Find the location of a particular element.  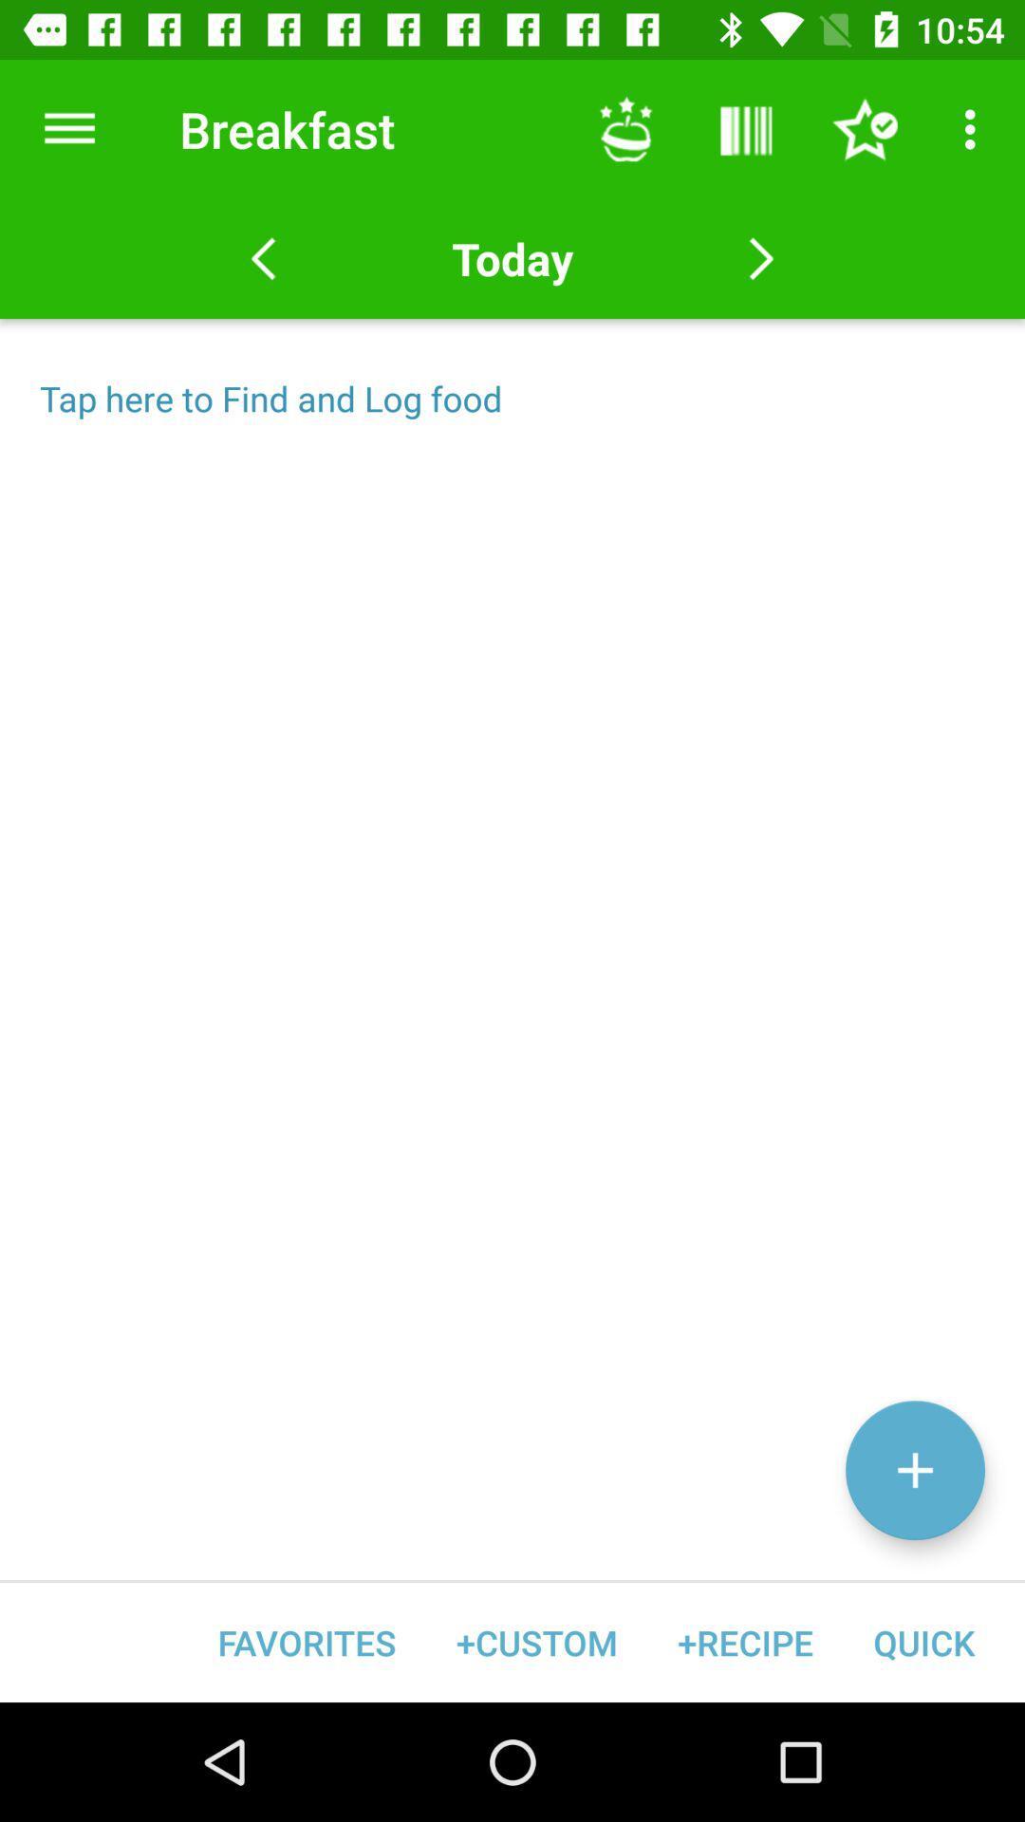

item to the left of +recipe icon is located at coordinates (536, 1642).